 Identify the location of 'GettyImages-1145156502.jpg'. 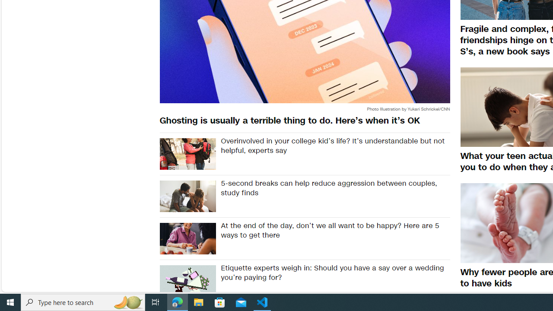
(187, 197).